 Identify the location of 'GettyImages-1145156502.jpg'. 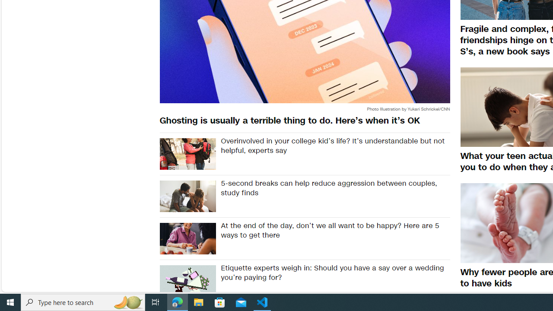
(187, 197).